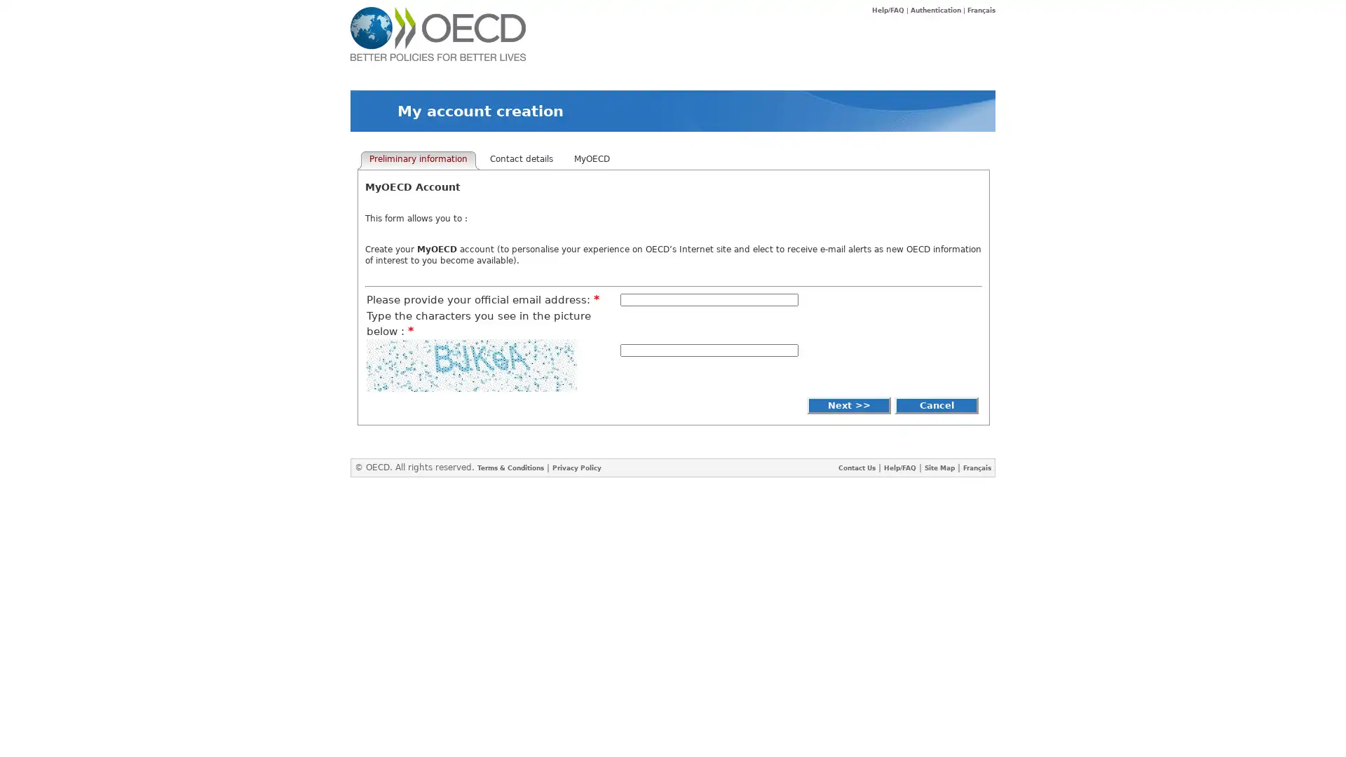  What do you see at coordinates (936, 405) in the screenshot?
I see `Cancel` at bounding box center [936, 405].